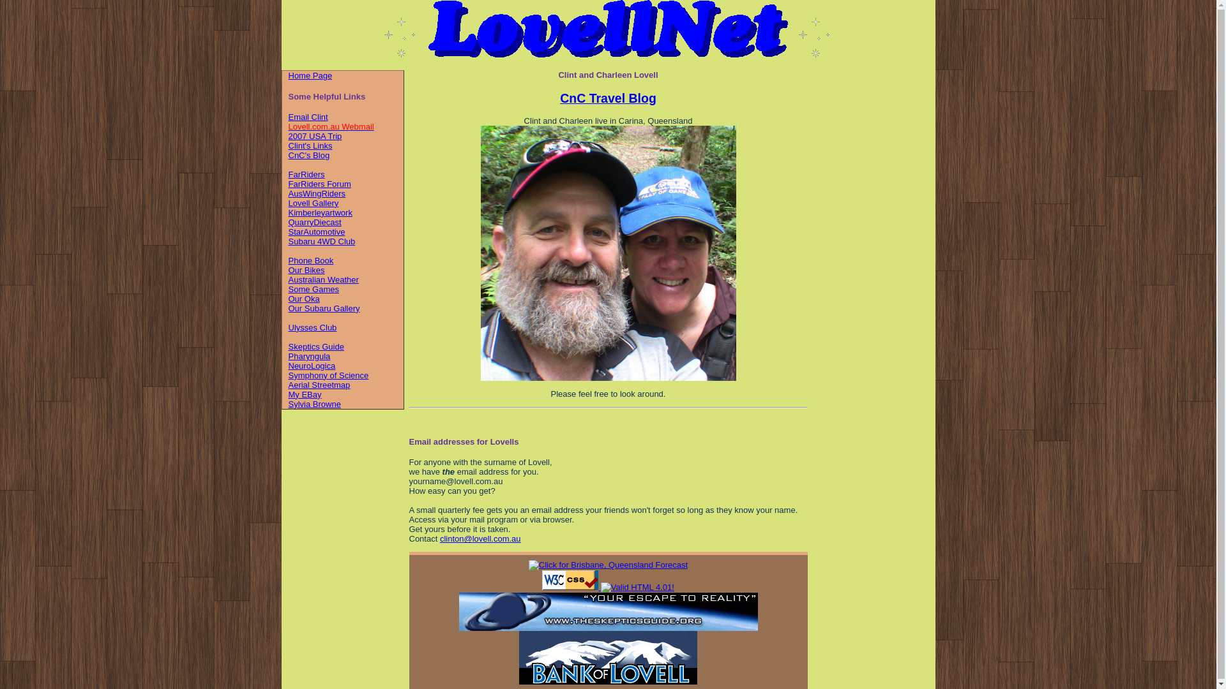 The image size is (1226, 689). I want to click on 'Symphony of Science', so click(328, 374).